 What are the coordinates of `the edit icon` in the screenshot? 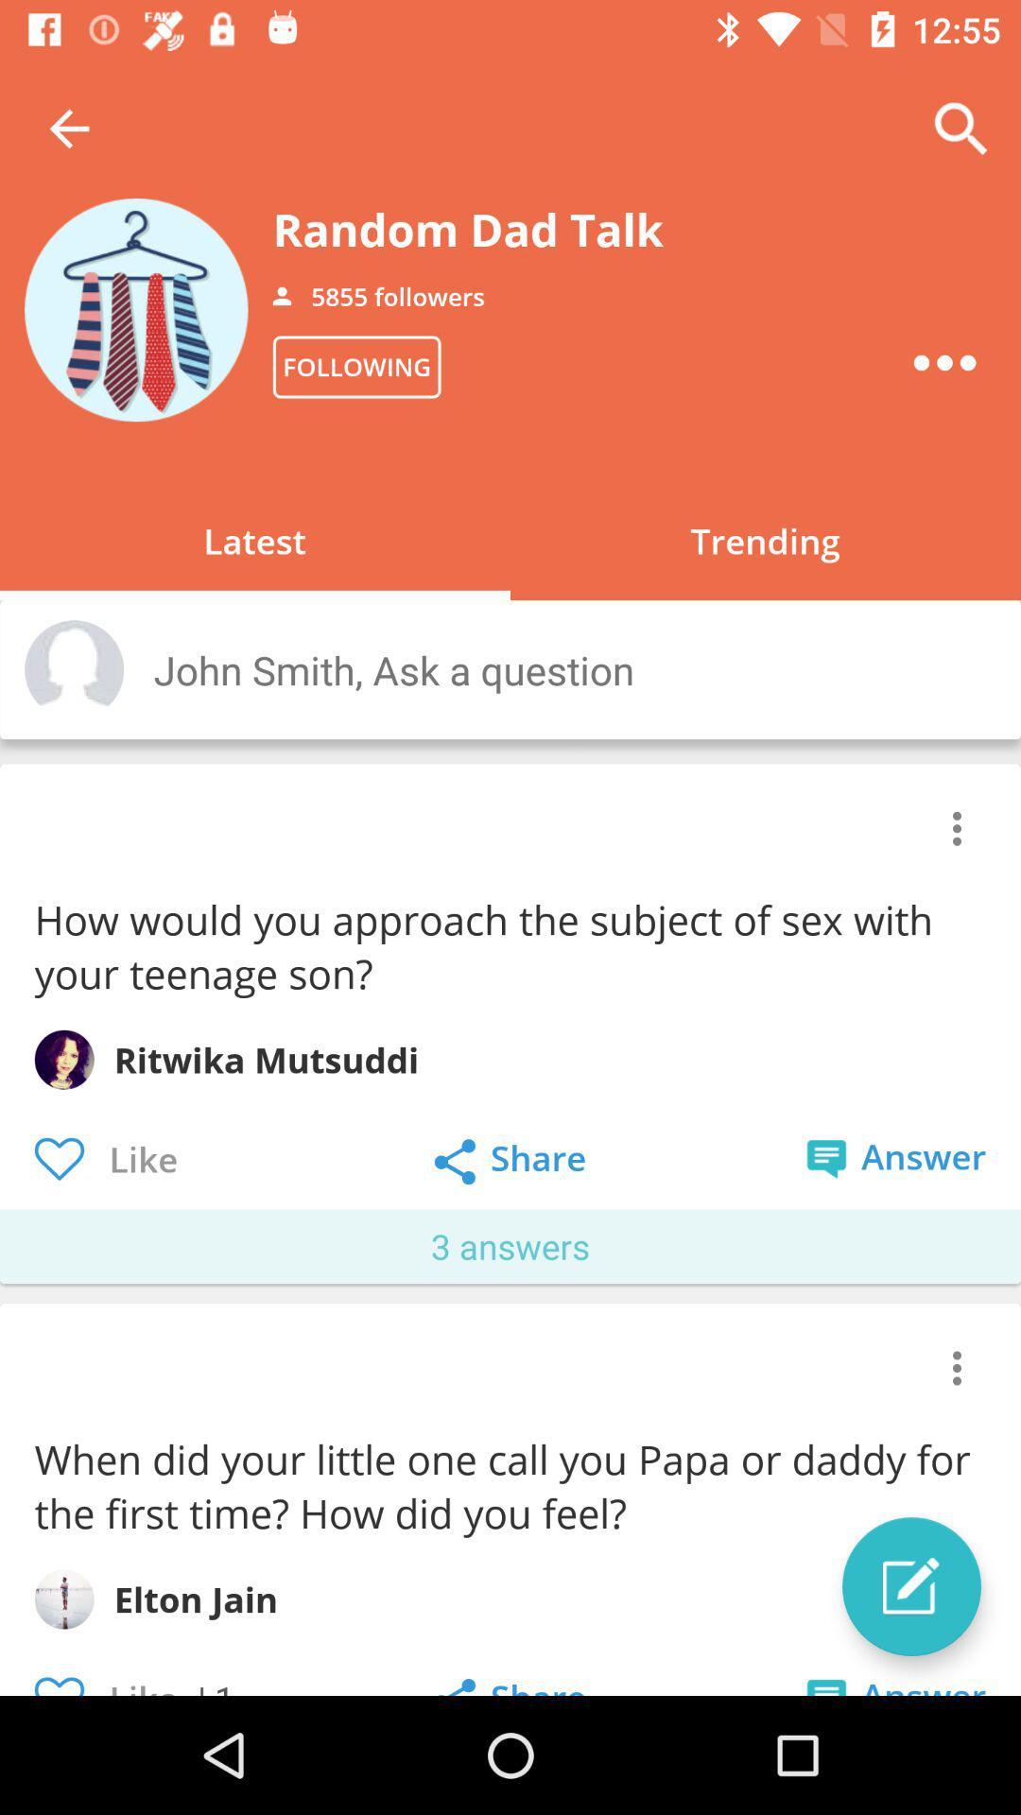 It's located at (910, 1586).